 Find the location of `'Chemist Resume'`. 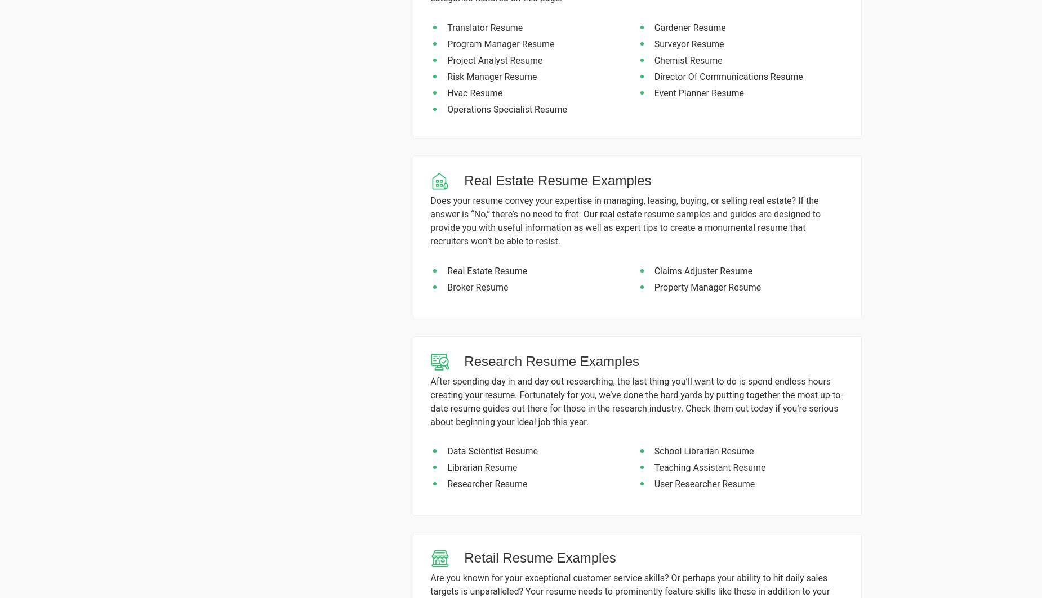

'Chemist Resume' is located at coordinates (687, 60).